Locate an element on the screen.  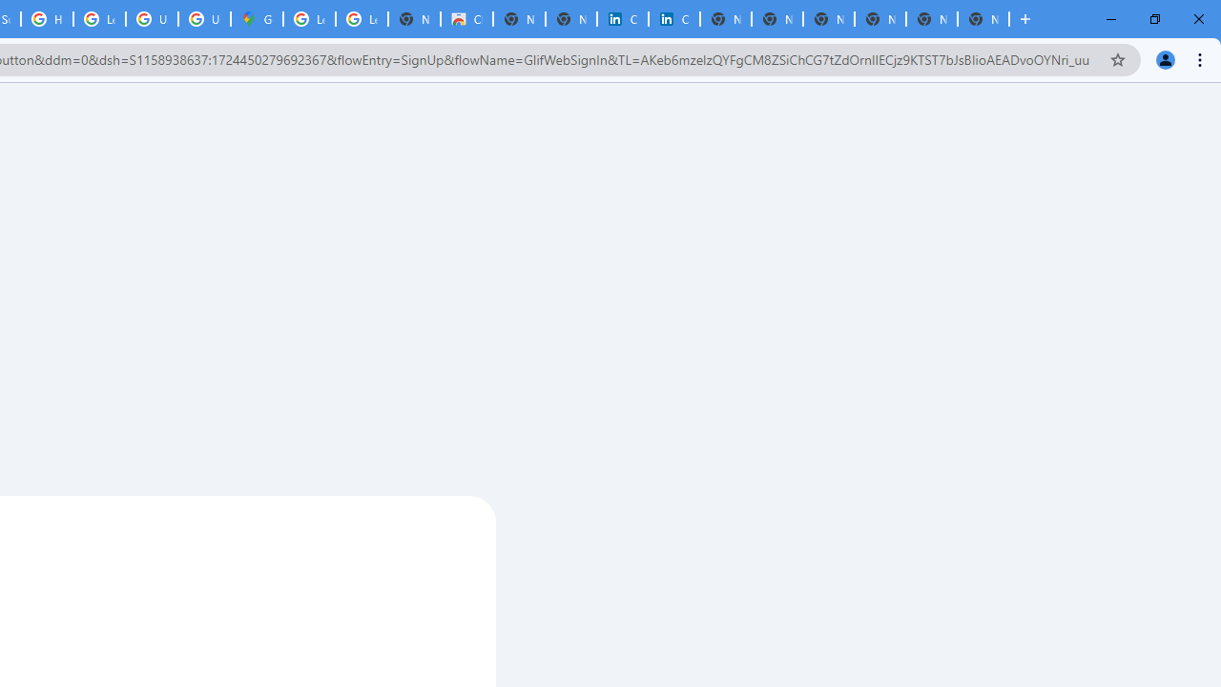
'Cookie Policy | LinkedIn' is located at coordinates (673, 19).